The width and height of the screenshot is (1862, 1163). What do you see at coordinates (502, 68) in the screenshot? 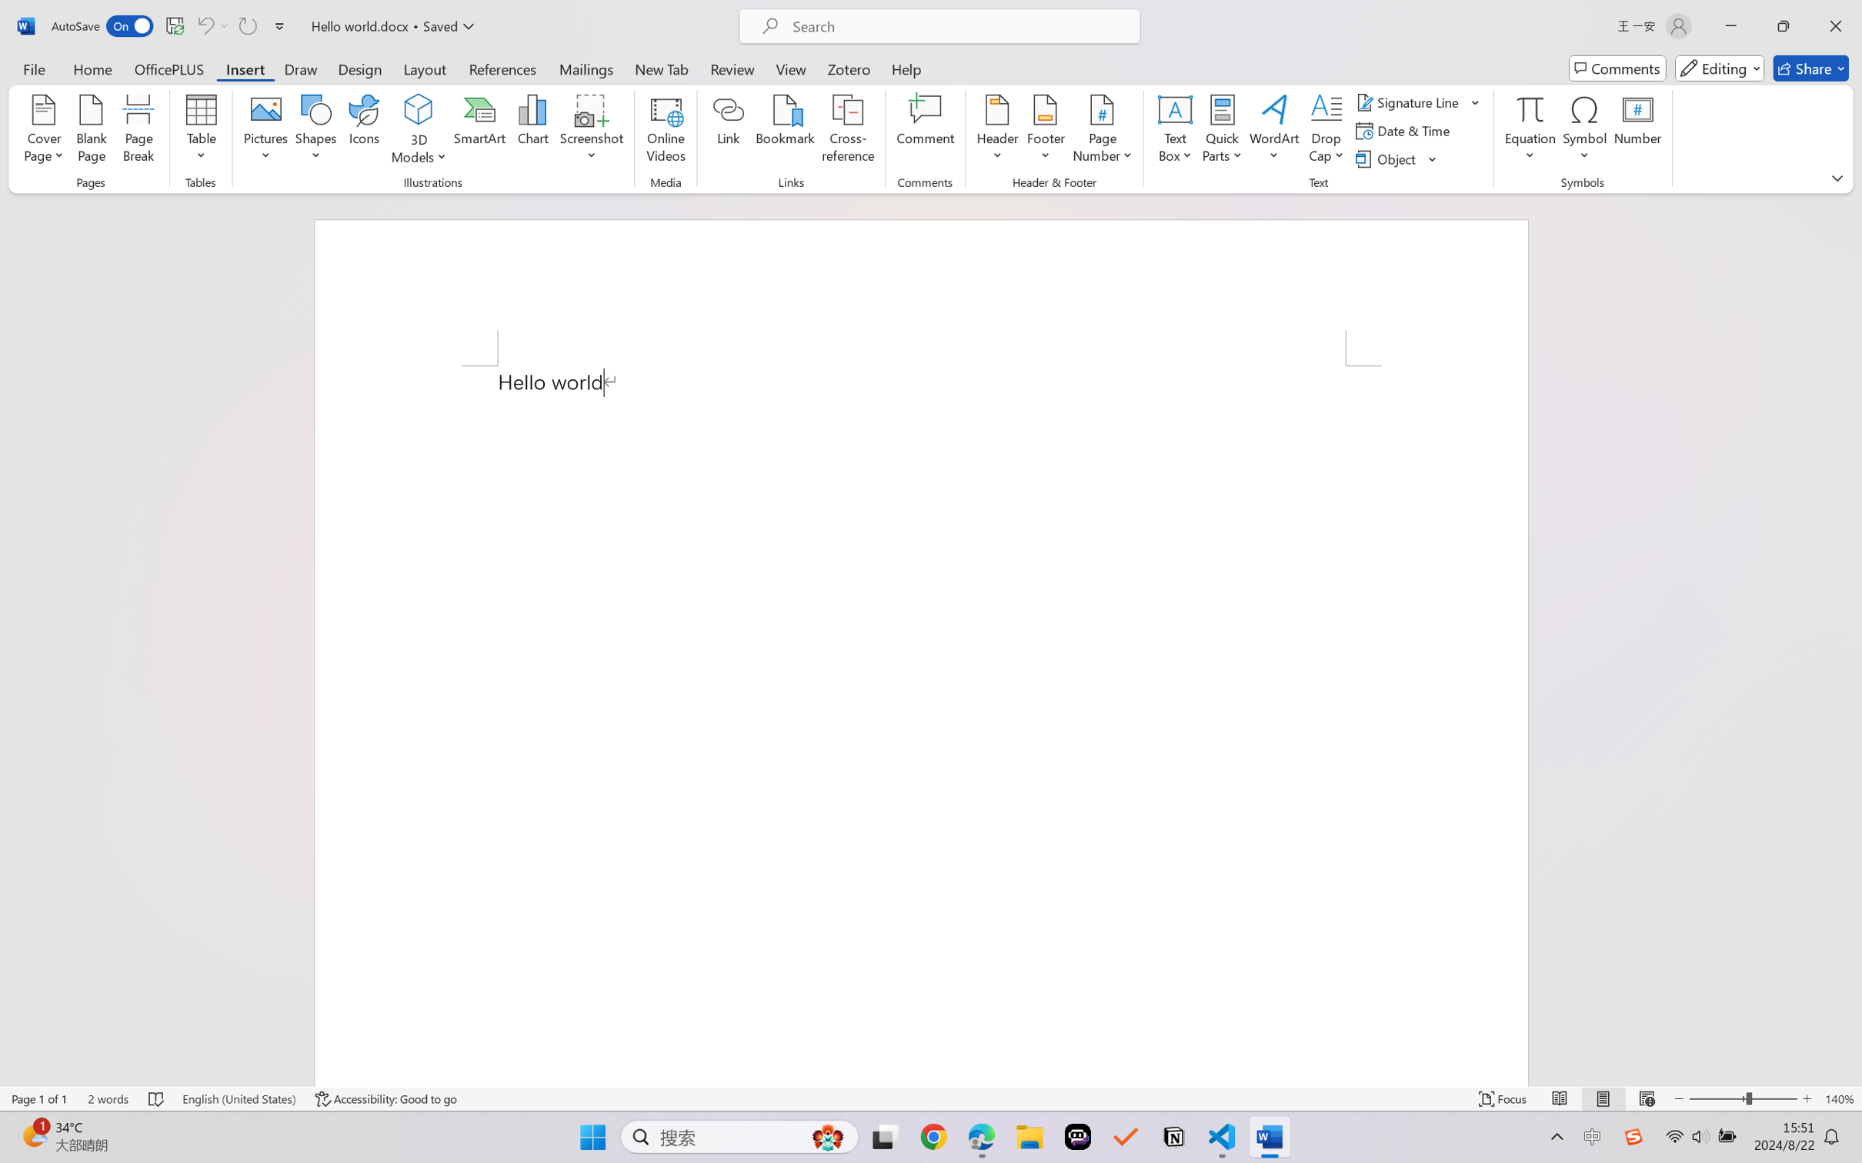
I see `'References'` at bounding box center [502, 68].